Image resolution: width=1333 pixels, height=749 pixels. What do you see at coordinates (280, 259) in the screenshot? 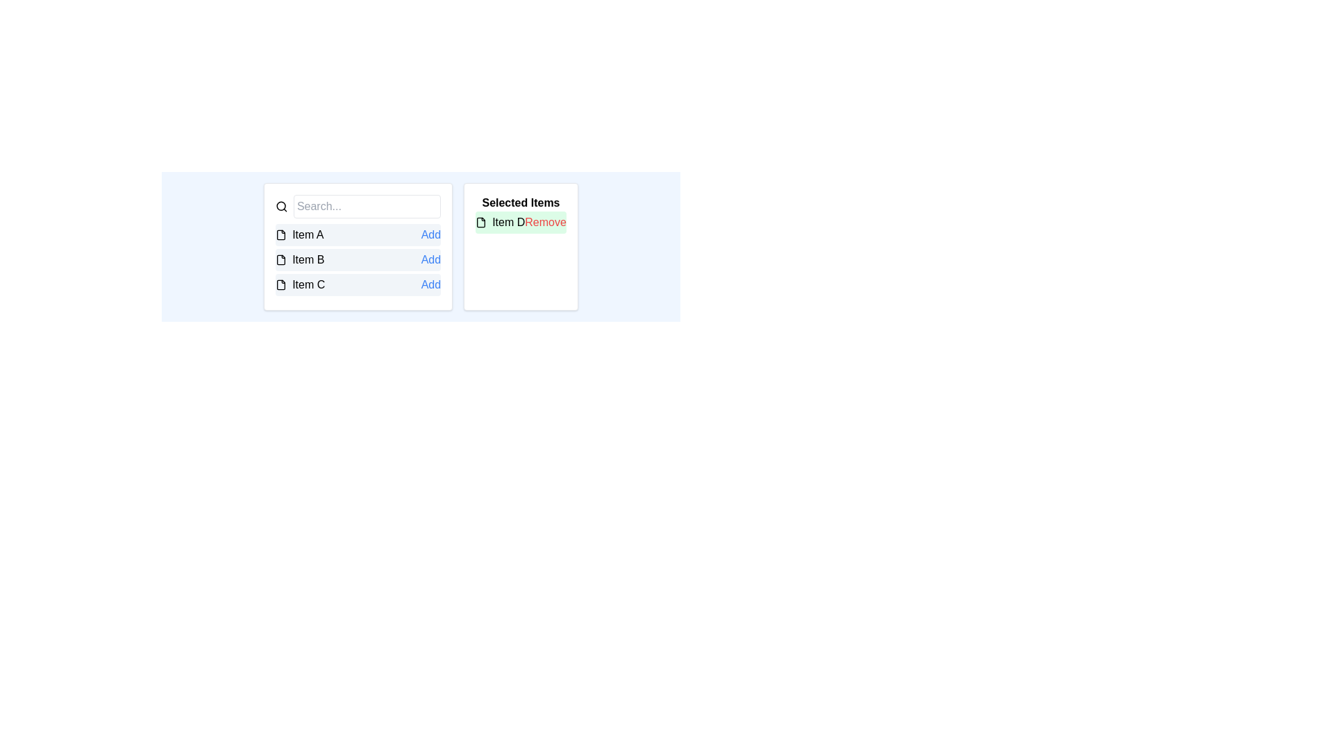
I see `the file icon representing 'Item B' in the list, which is located at the beginning of the row preceding the 'Add' button` at bounding box center [280, 259].